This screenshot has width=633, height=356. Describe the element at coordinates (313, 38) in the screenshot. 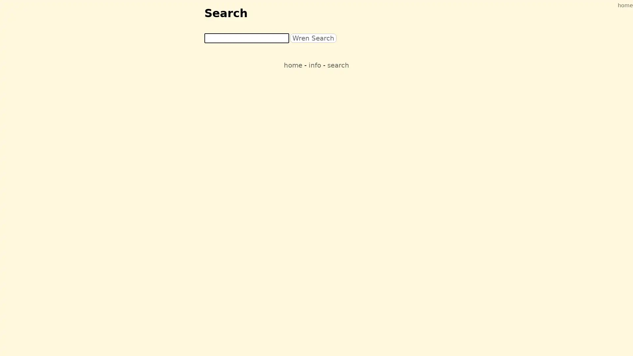

I see `Wren Search` at that location.